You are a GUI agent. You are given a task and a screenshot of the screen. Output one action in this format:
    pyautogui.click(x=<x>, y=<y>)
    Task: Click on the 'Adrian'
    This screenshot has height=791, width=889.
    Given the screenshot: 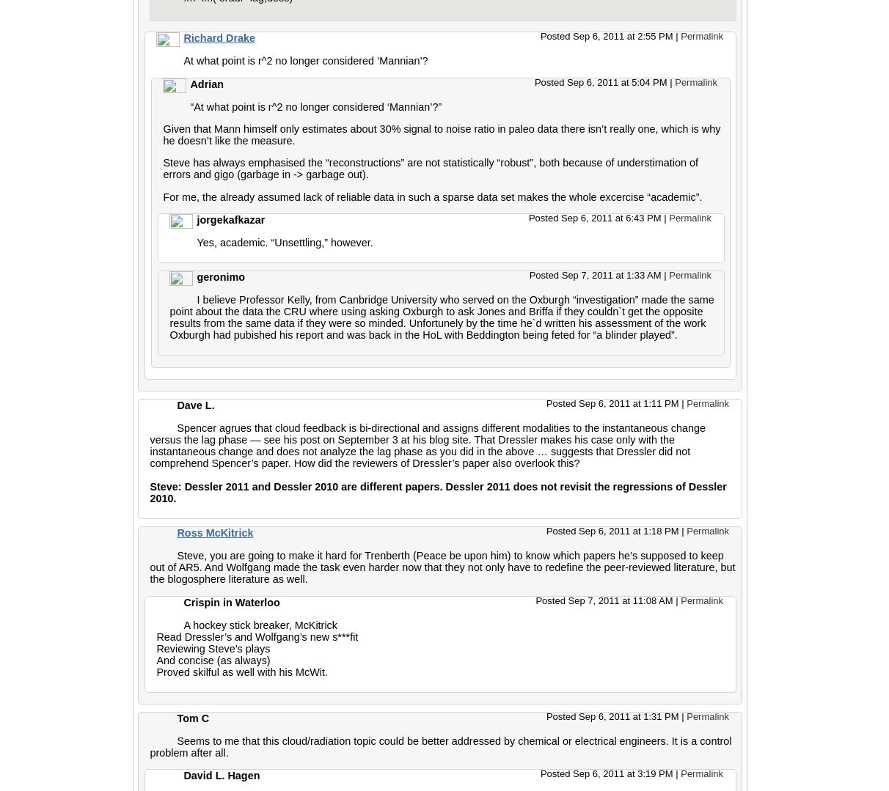 What is the action you would take?
    pyautogui.click(x=190, y=84)
    